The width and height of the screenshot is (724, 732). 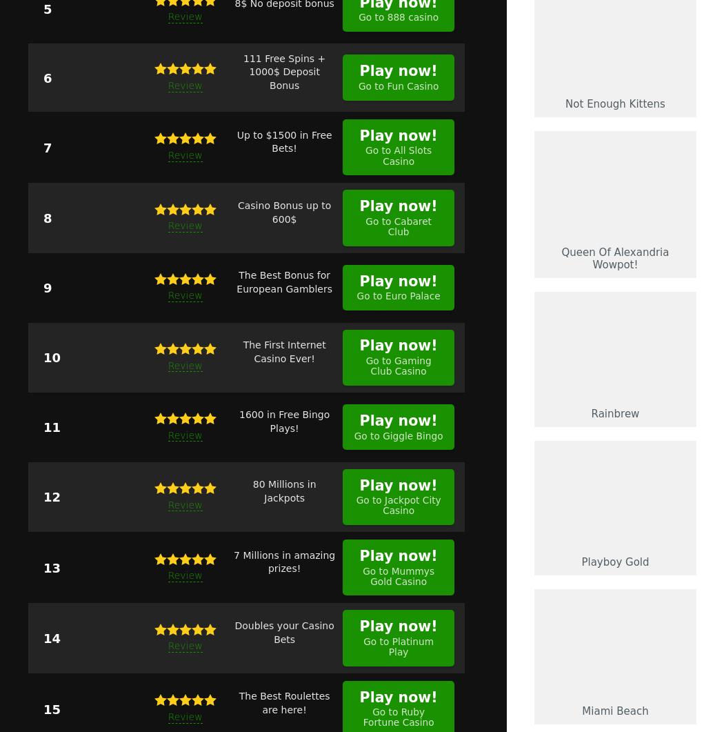 I want to click on 'Go to Cabaret Club', so click(x=397, y=225).